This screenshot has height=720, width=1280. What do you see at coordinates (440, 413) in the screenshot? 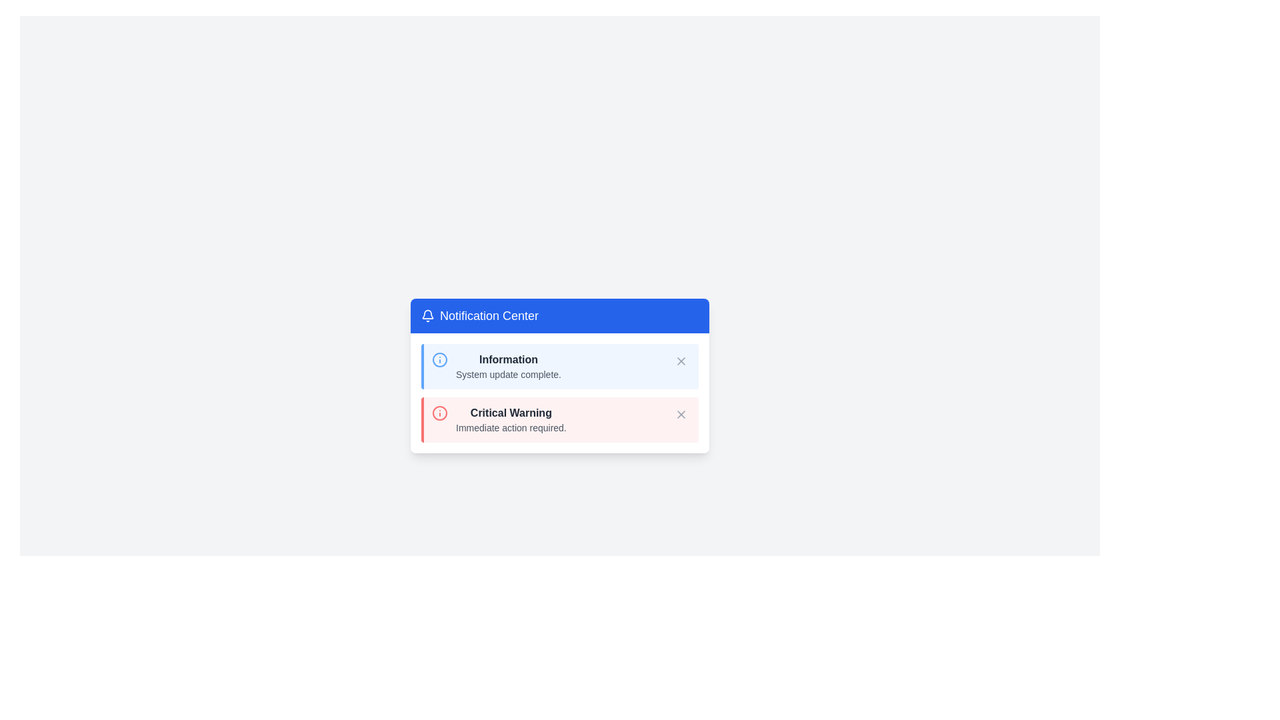
I see `the circular red icon with a white background featuring a centered 'i' symbol in the leftmost section of the 'Critical Warning' notification box` at bounding box center [440, 413].